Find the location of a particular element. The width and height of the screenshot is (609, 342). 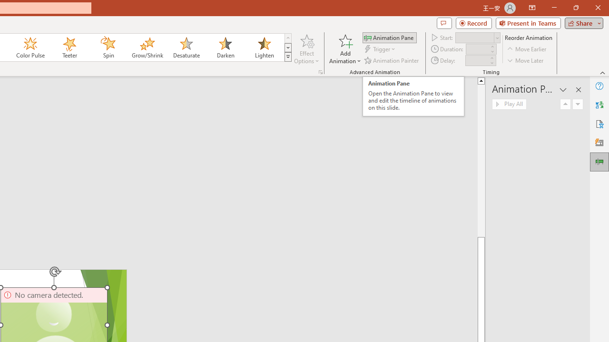

'Desaturate' is located at coordinates (186, 47).